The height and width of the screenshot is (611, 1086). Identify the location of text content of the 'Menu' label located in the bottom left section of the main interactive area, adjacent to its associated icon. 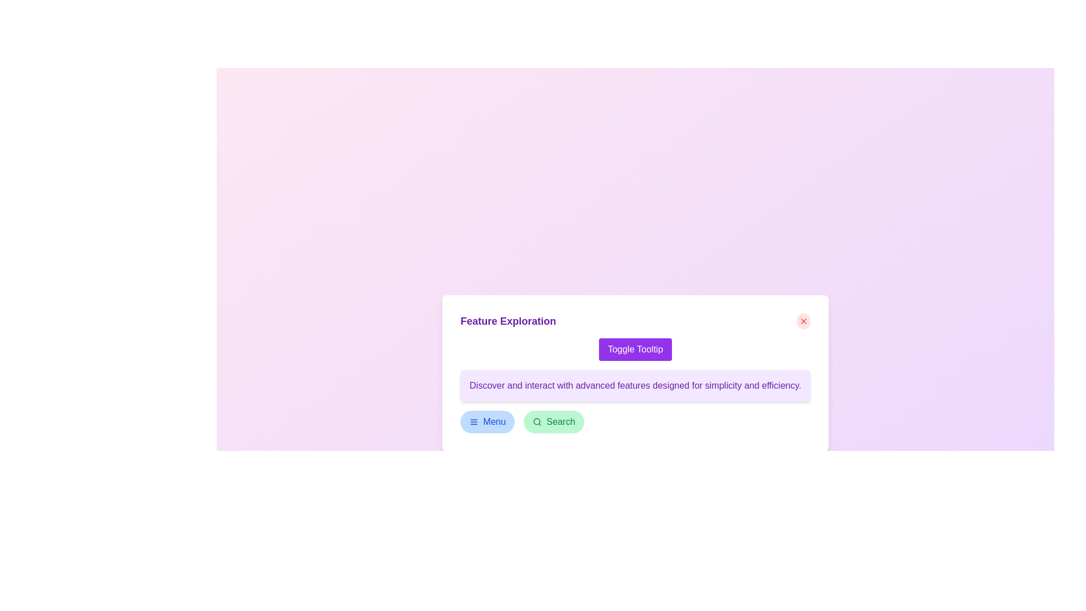
(494, 421).